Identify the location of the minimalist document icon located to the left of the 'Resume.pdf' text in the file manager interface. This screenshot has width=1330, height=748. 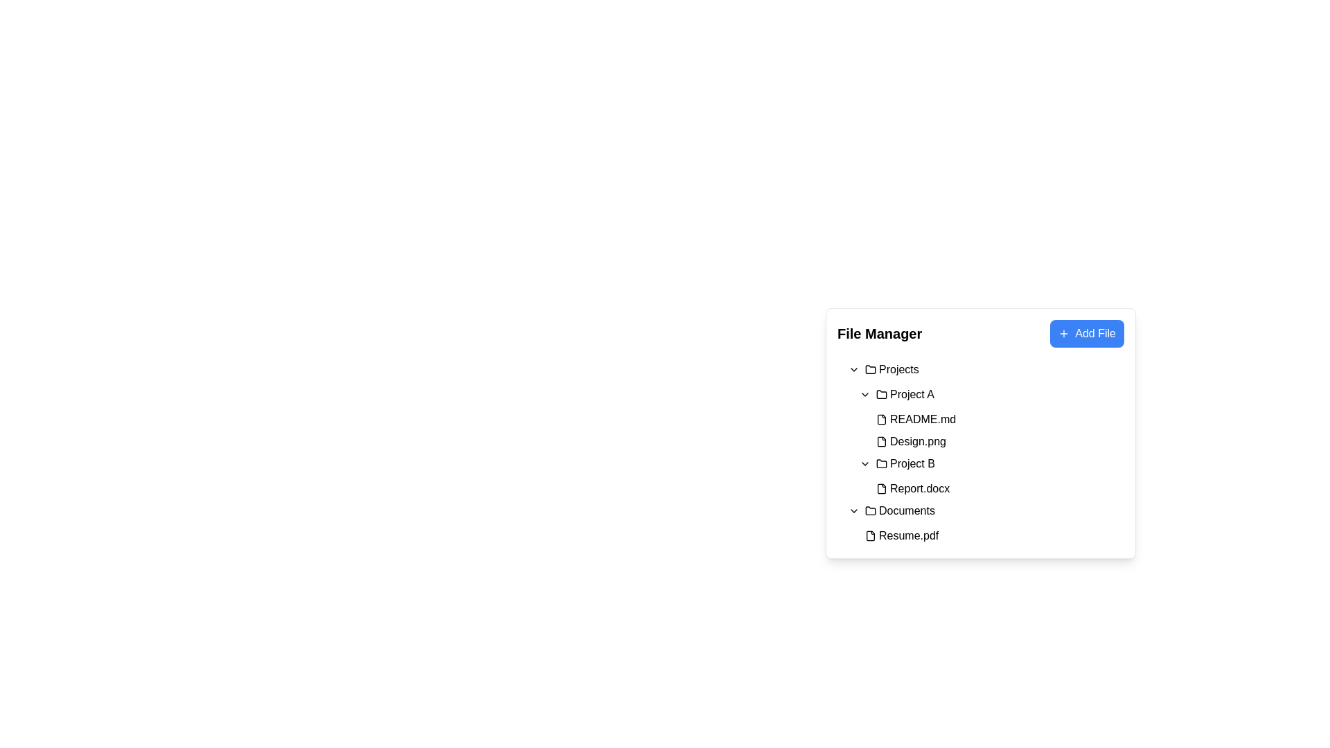
(870, 535).